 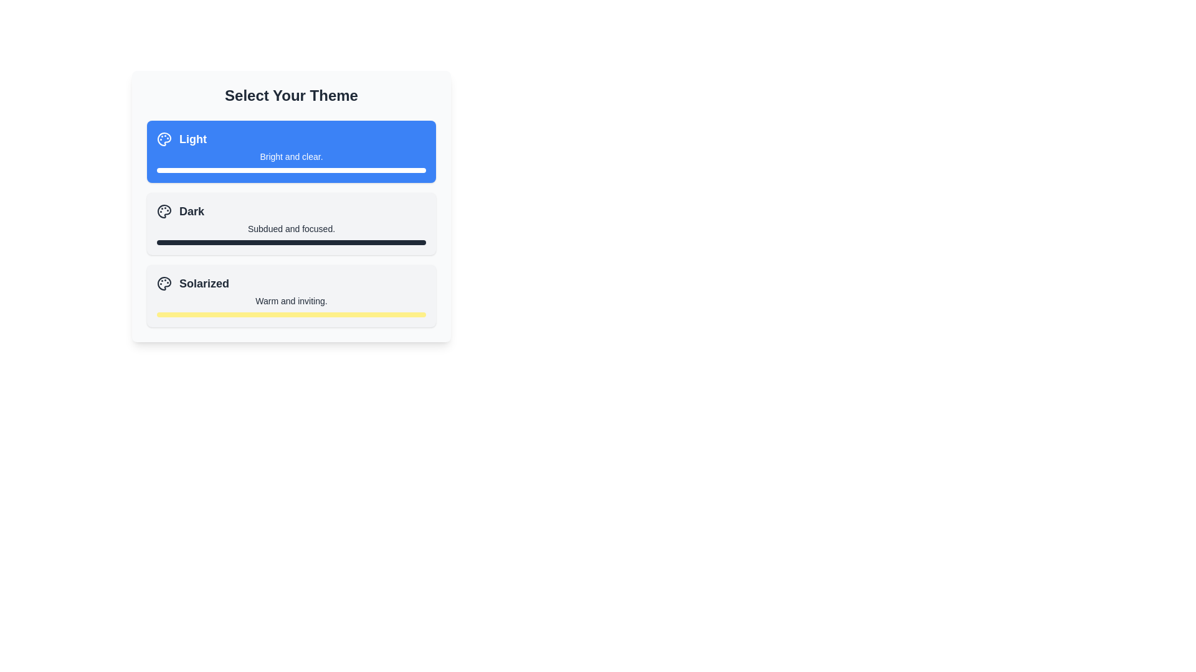 I want to click on the decorative icon representing the 'Light' theme option, located to the left of the 'Light' text label, so click(x=164, y=139).